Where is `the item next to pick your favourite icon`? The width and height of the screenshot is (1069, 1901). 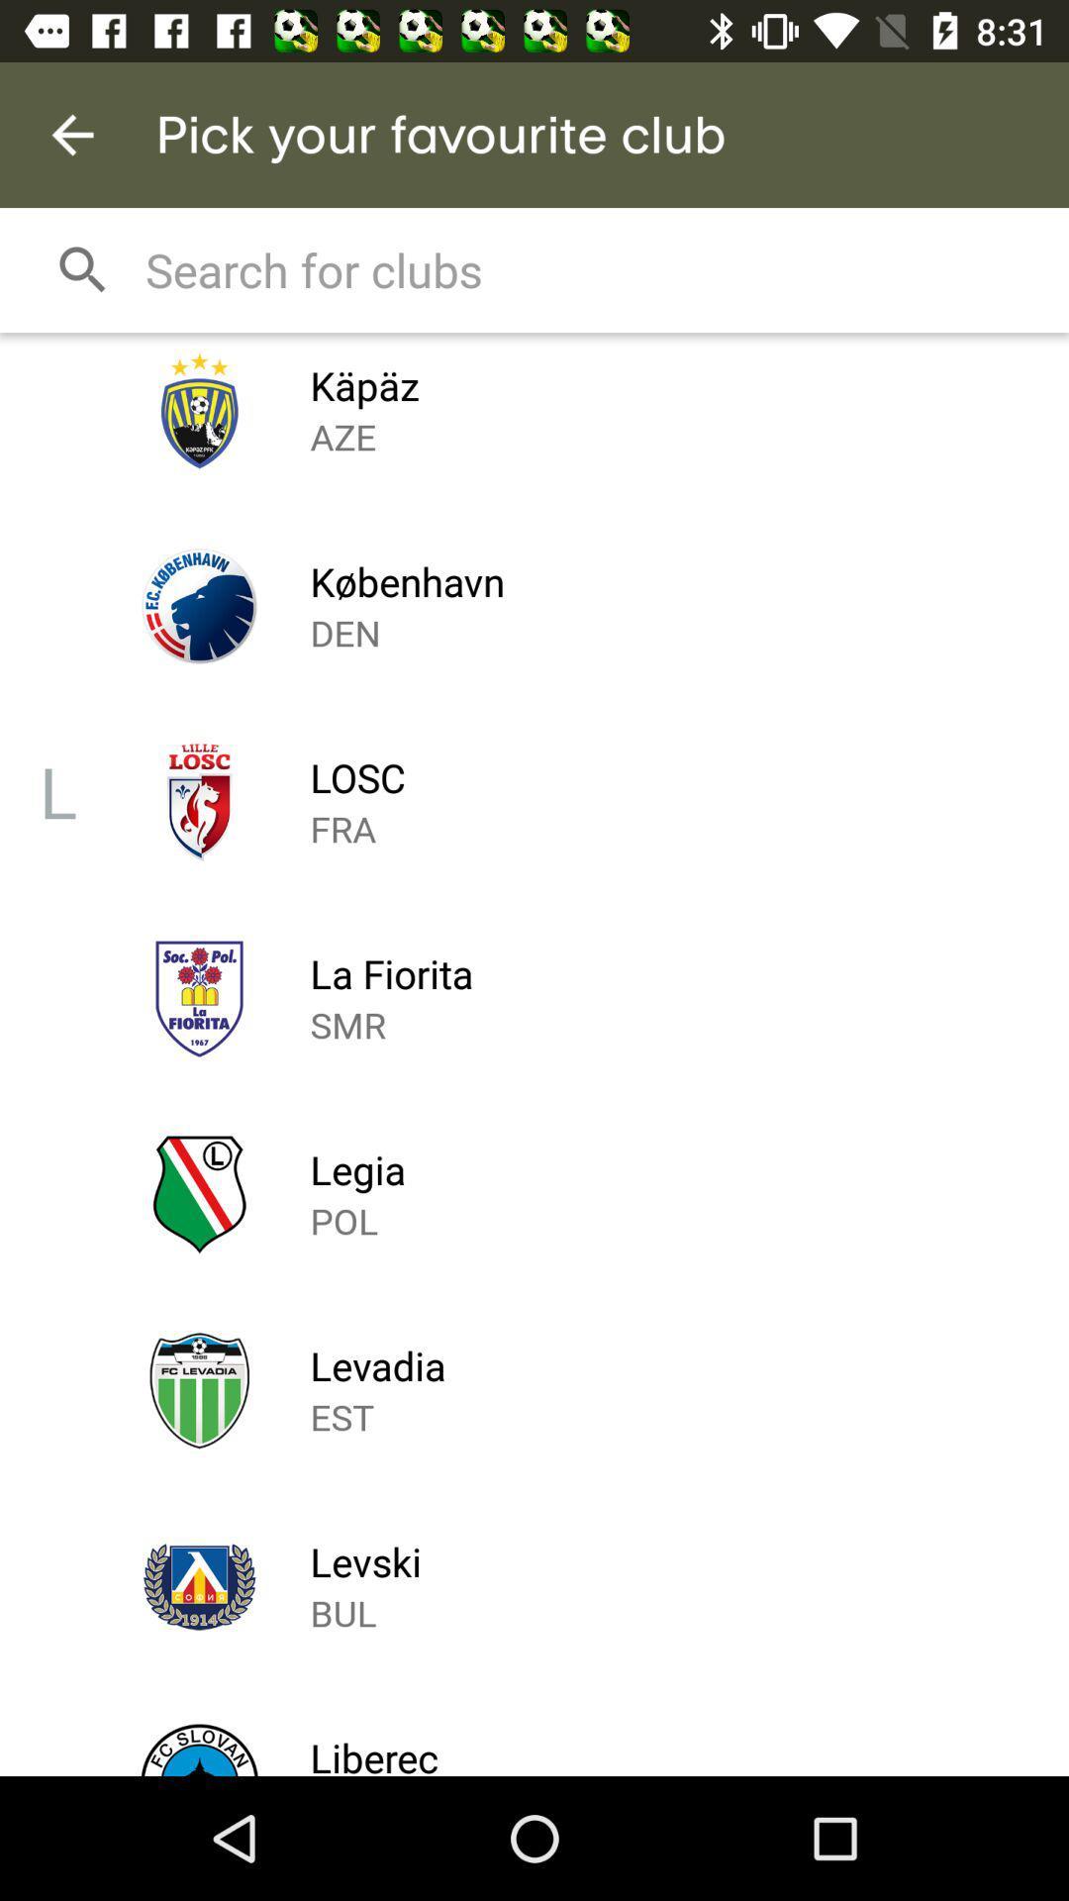
the item next to pick your favourite icon is located at coordinates (71, 134).